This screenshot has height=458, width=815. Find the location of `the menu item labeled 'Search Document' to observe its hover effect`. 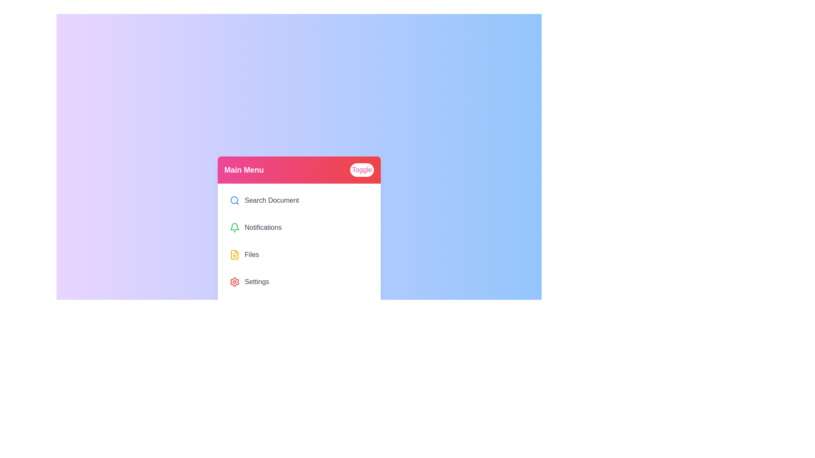

the menu item labeled 'Search Document' to observe its hover effect is located at coordinates (299, 201).